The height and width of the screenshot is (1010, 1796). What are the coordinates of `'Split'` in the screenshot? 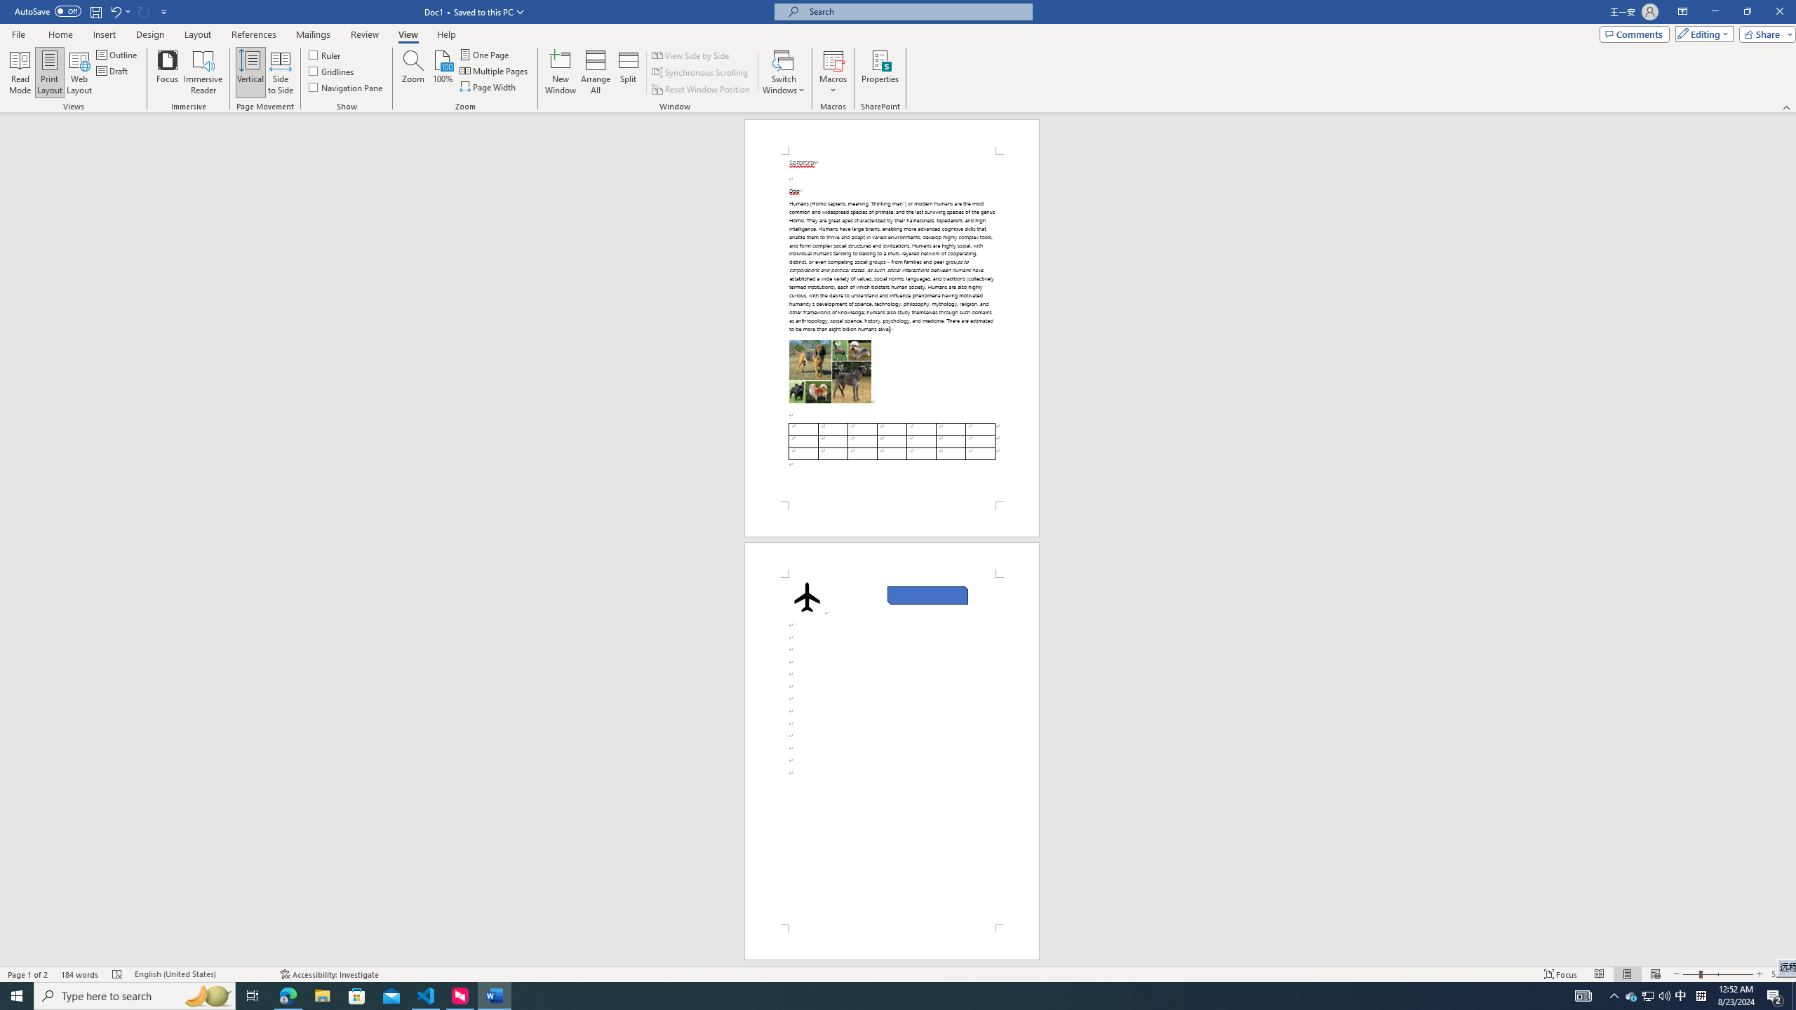 It's located at (629, 72).